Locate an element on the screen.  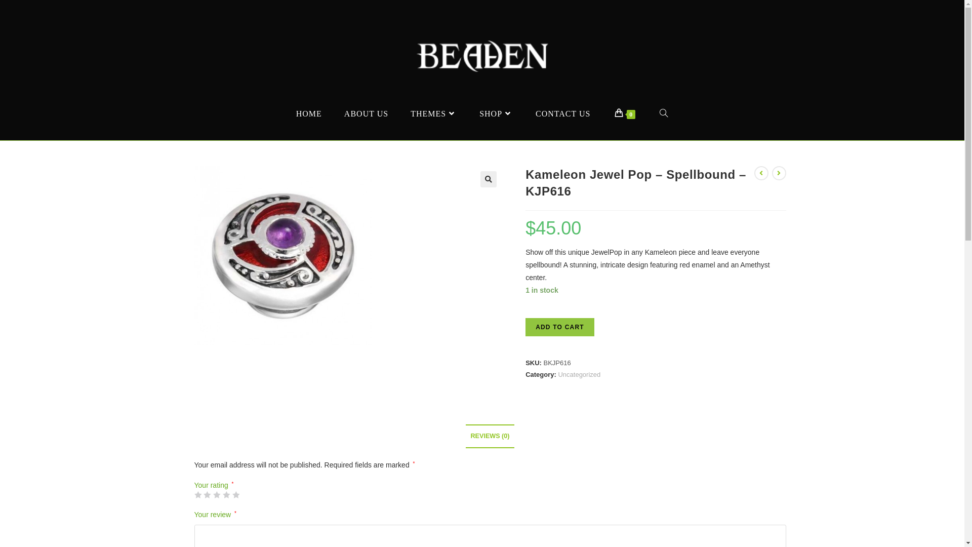
'CONTACT US' is located at coordinates (562, 113).